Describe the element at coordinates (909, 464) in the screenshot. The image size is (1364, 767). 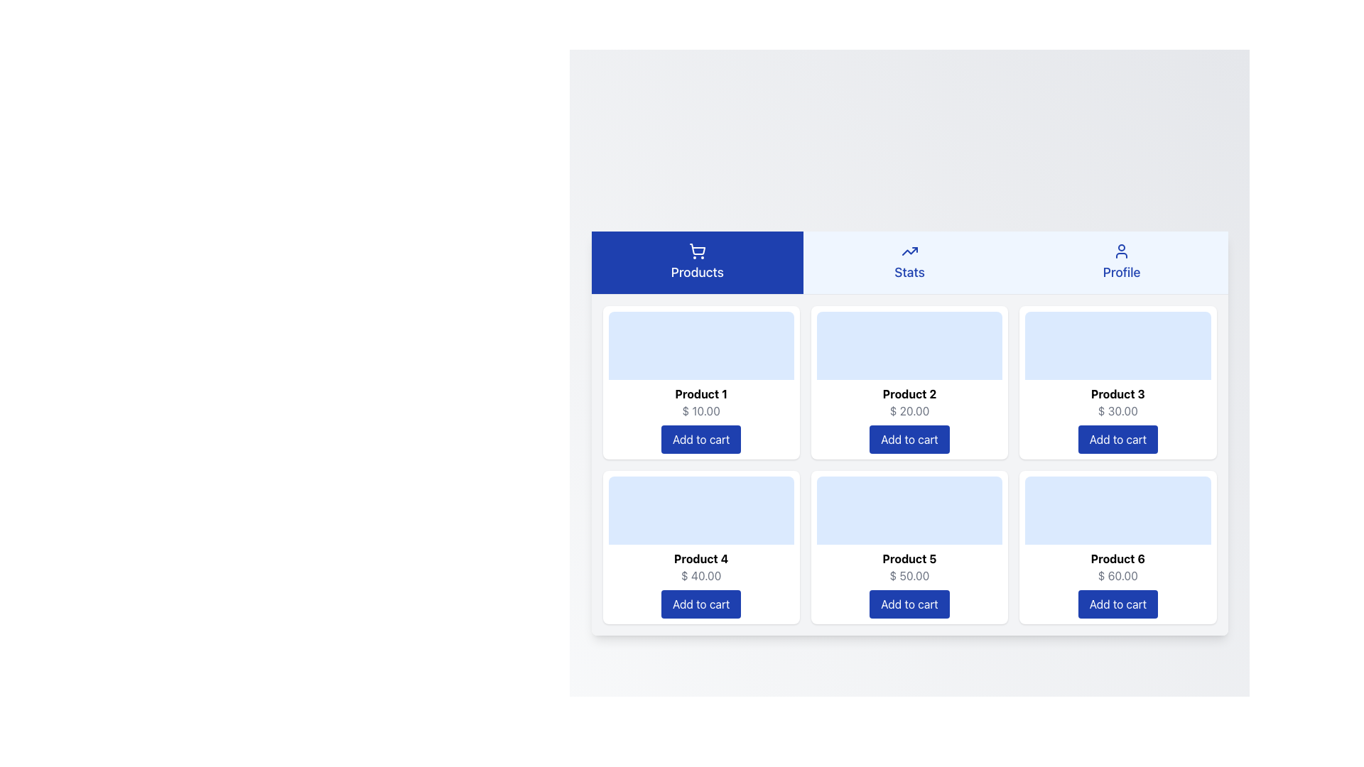
I see `the 'Add to cart' button located on the product card in the grid layout` at that location.